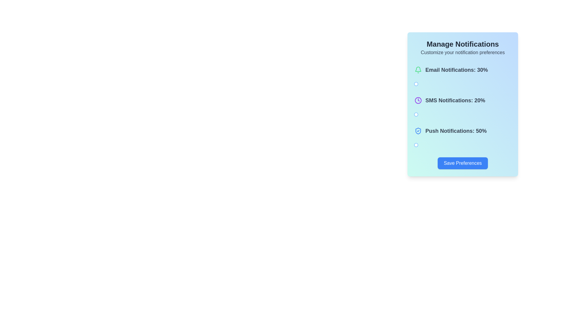 Image resolution: width=574 pixels, height=323 pixels. Describe the element at coordinates (462, 47) in the screenshot. I see `the text block titled 'Manage Notifications' which includes the subtitle 'Customize your notification preferences', located at the top of the card UI in the upper-right region of the interface` at that location.